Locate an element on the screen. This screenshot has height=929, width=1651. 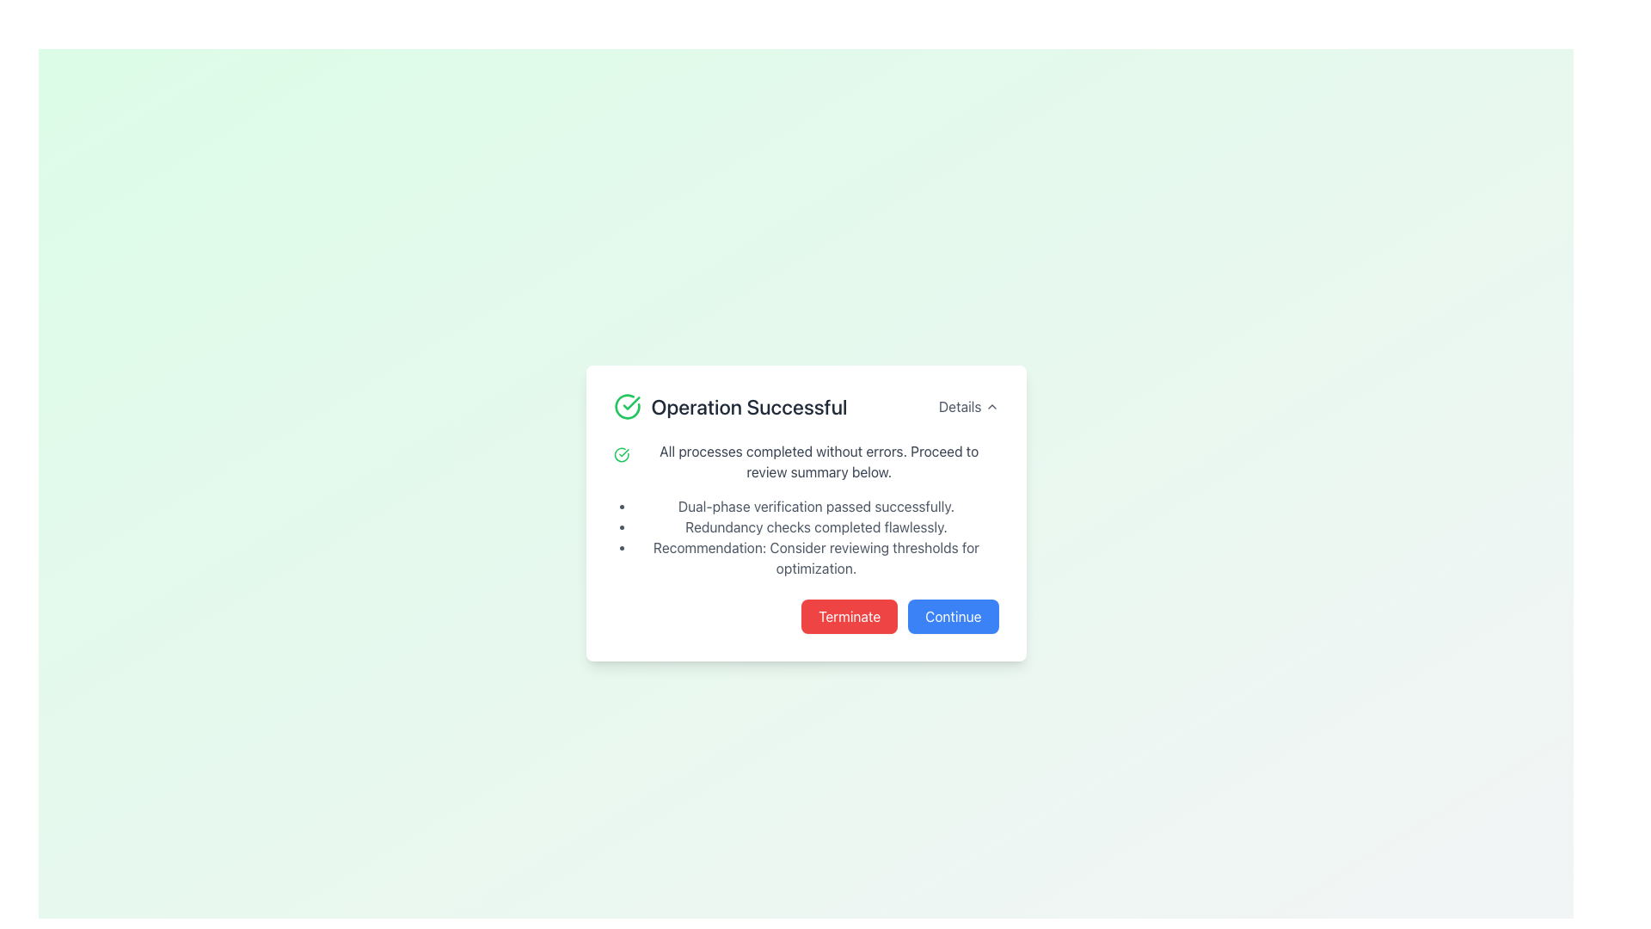
status update text positioned as the second list item in a bullet-point list within the dialog box, located between 'Dual-phase verification passed successfully.' and 'Recommendation: Consider reviewing thresholds for optimization.' is located at coordinates (815, 526).